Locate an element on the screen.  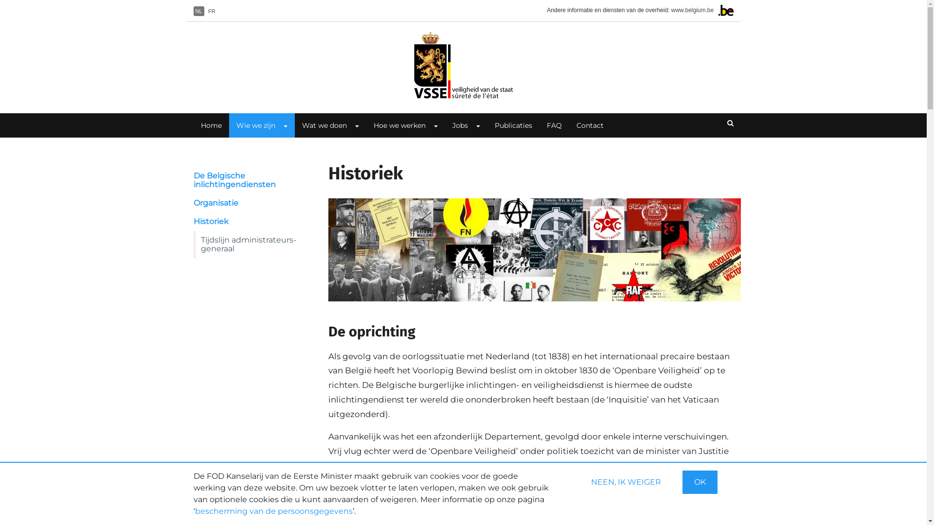
'Jobs' is located at coordinates (455, 125).